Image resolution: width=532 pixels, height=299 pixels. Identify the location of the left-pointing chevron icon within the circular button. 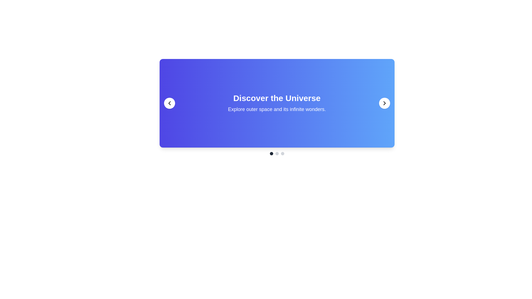
(169, 103).